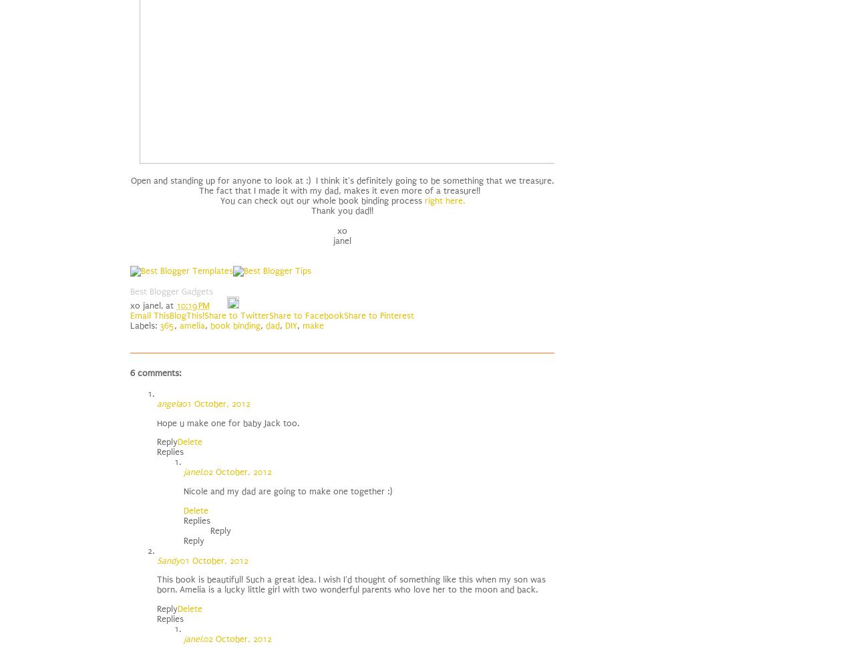 Image resolution: width=855 pixels, height=648 pixels. What do you see at coordinates (130, 372) in the screenshot?
I see `'6 comments:'` at bounding box center [130, 372].